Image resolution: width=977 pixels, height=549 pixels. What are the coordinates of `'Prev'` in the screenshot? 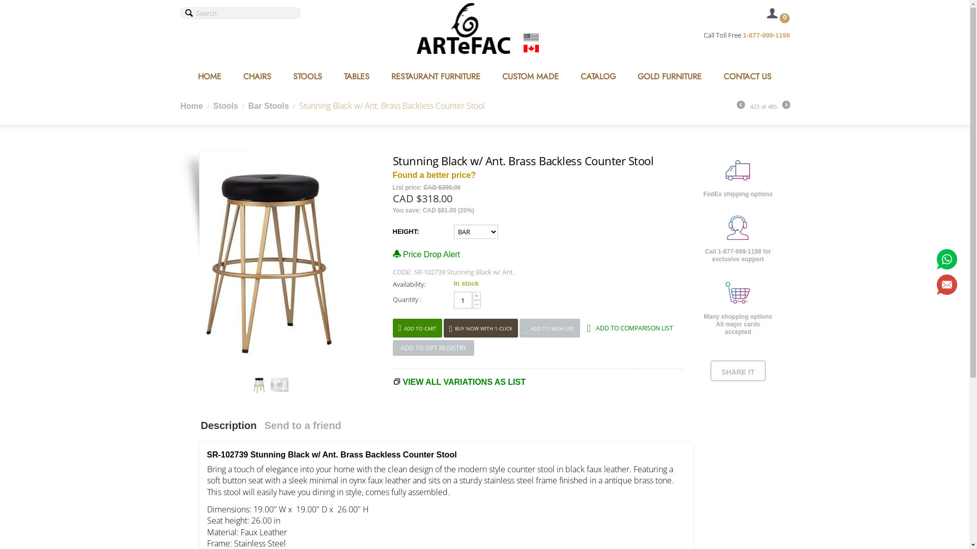 It's located at (740, 106).